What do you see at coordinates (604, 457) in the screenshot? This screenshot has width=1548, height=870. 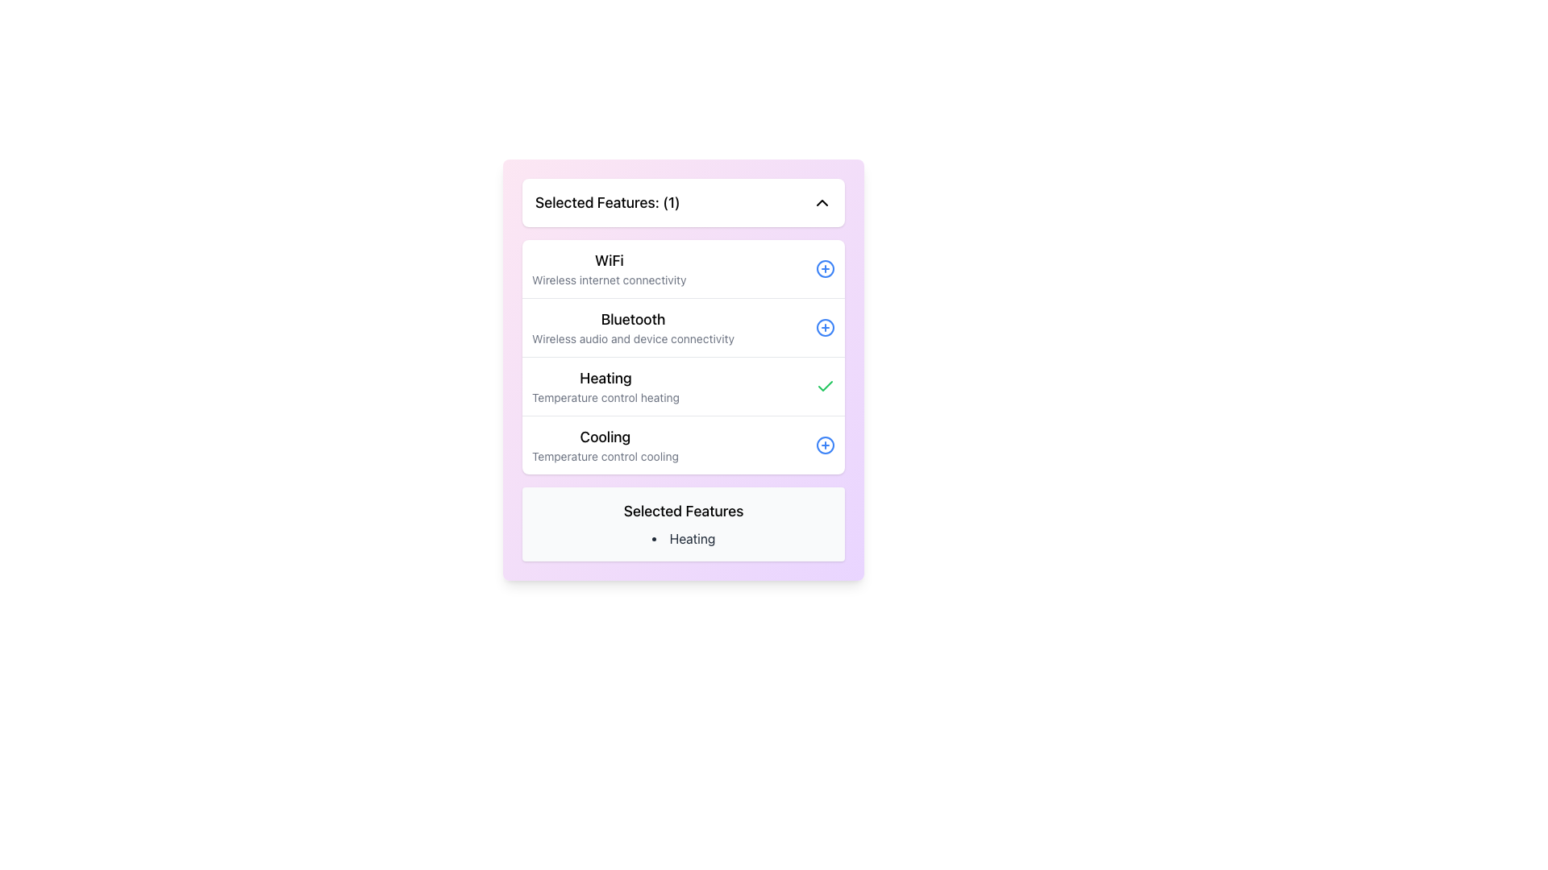 I see `the text label reading 'Temperature control cooling' located below the heading 'Cooling' in the interface` at bounding box center [604, 457].